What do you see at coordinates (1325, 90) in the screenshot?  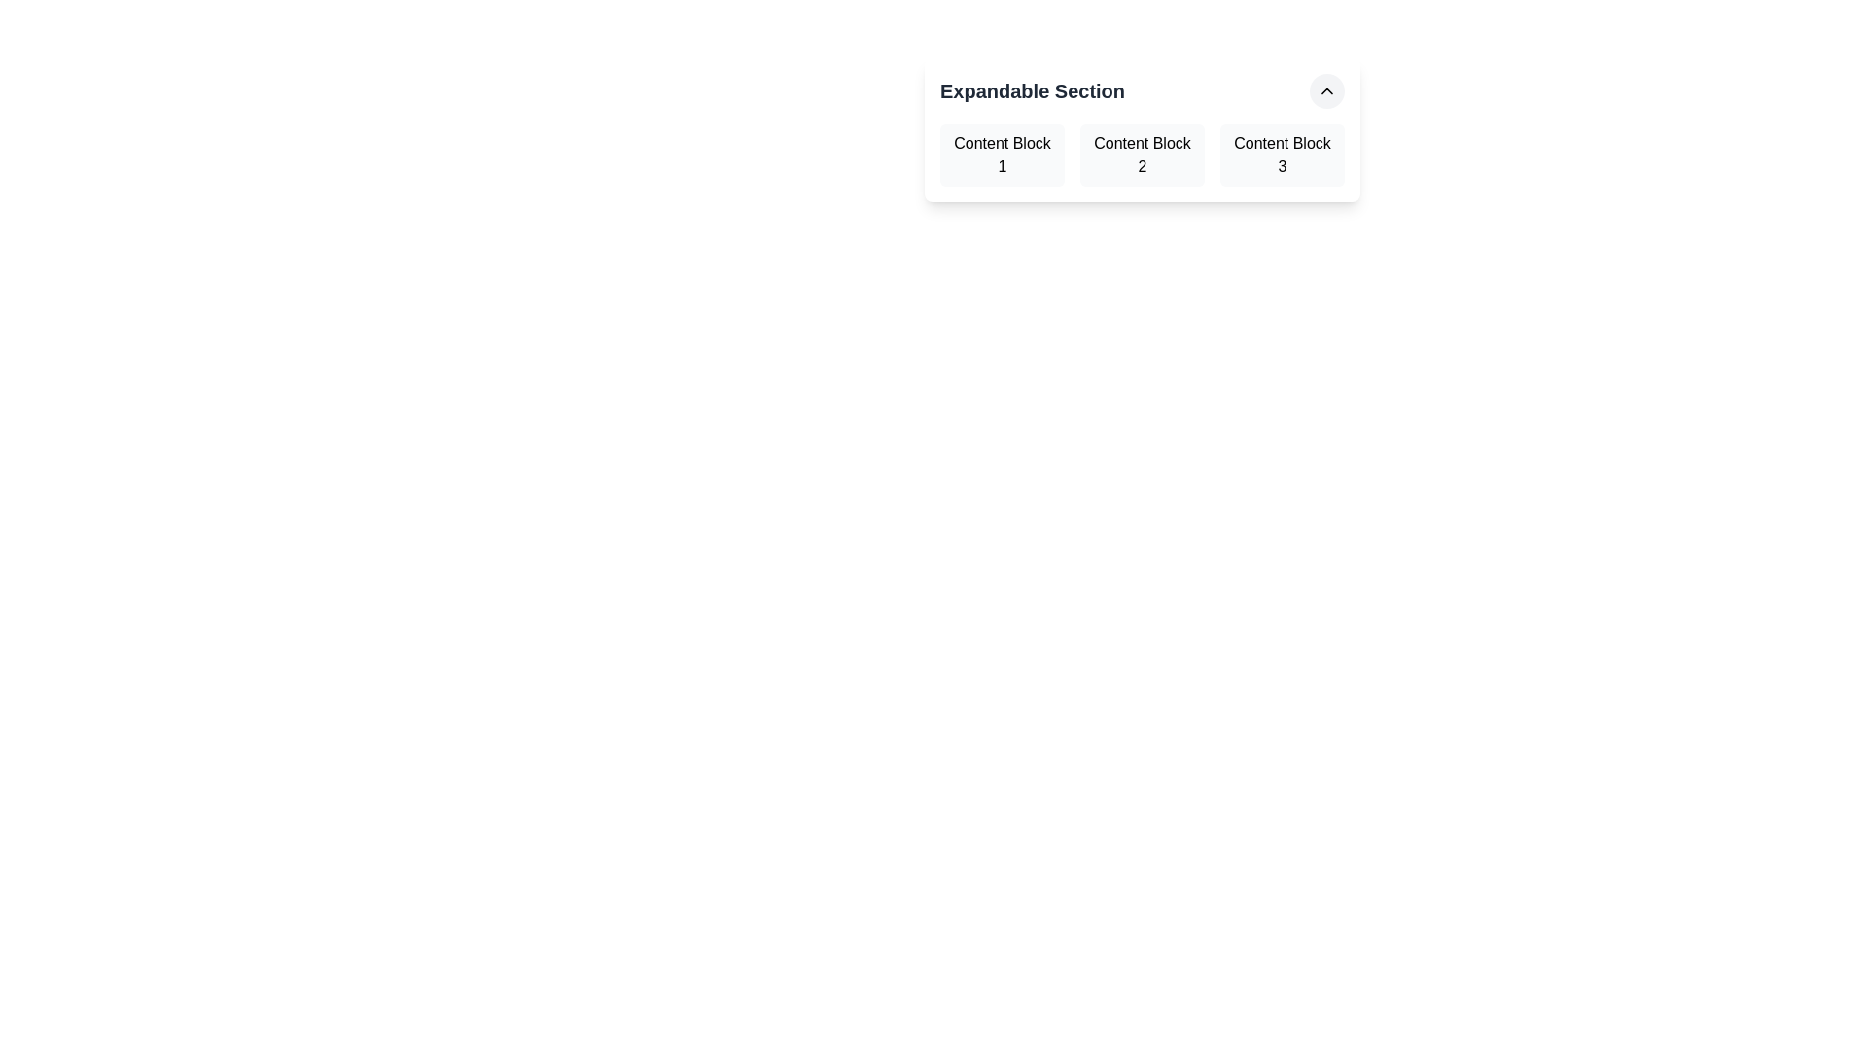 I see `the circular button with an upward-facing chevron icon located in the top-right corner of the 'Expandable Section' to change its background color` at bounding box center [1325, 90].